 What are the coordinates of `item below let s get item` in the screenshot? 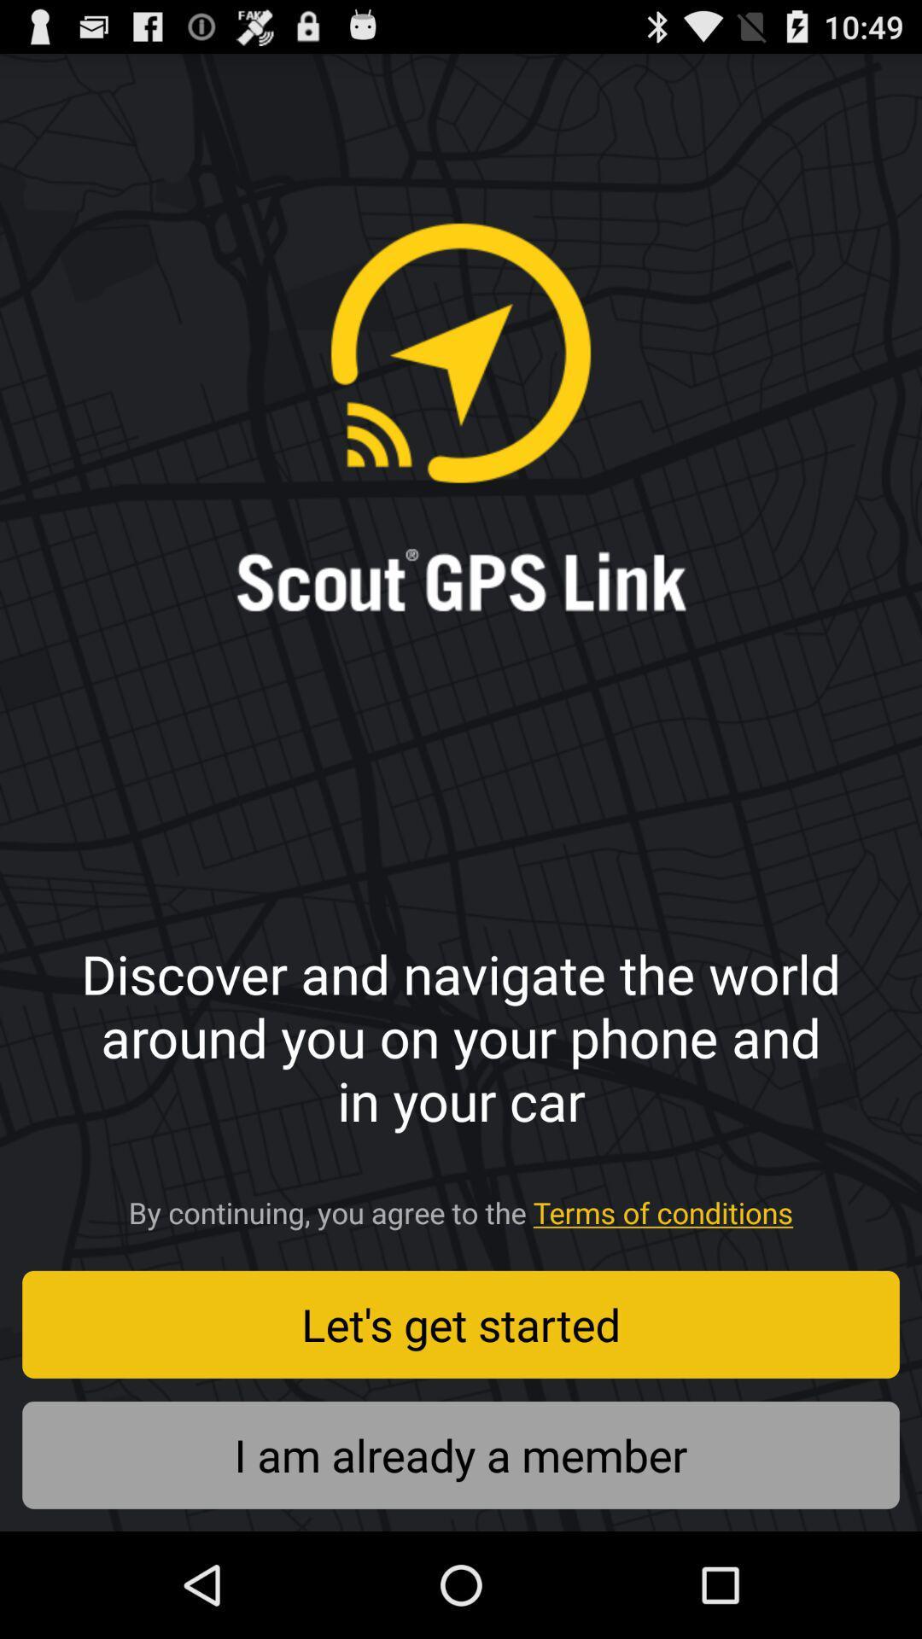 It's located at (461, 1454).